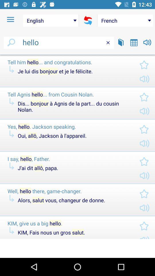 The width and height of the screenshot is (155, 276). What do you see at coordinates (88, 20) in the screenshot?
I see `refresh` at bounding box center [88, 20].